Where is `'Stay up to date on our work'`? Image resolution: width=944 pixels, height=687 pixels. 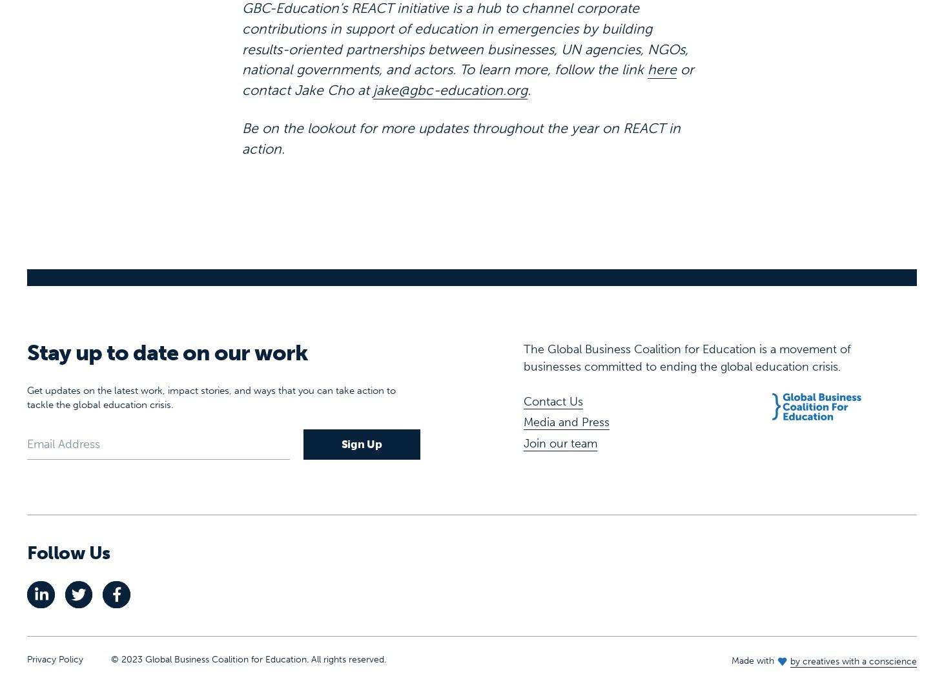
'Stay up to date on our work' is located at coordinates (166, 311).